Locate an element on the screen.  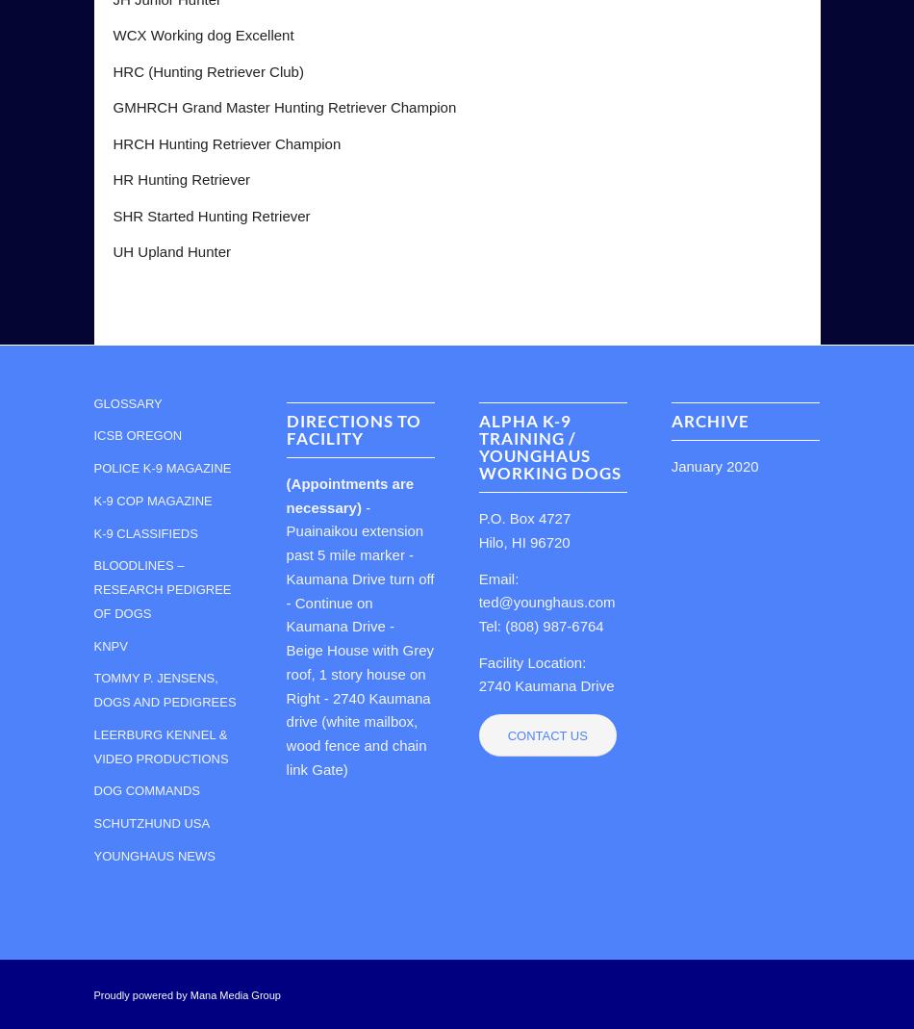
'K-9 COP MAGAZINE' is located at coordinates (152, 499).